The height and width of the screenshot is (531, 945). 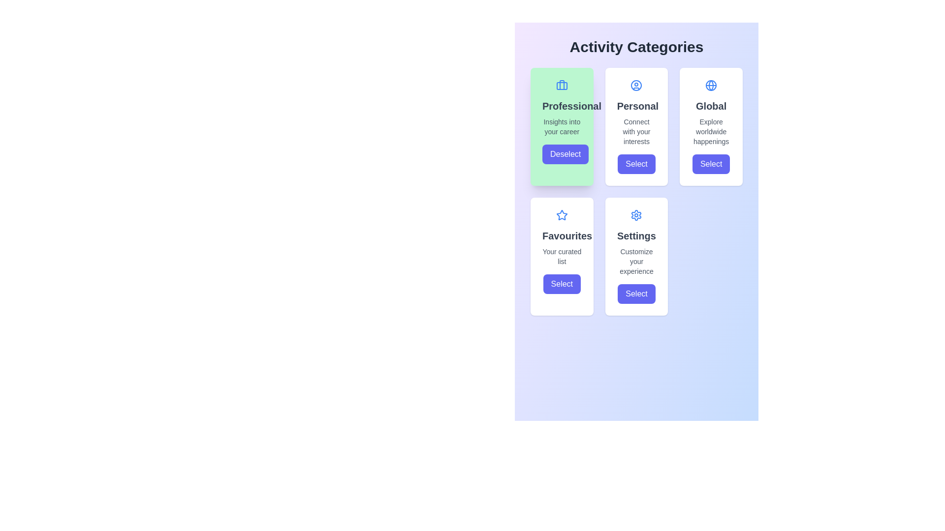 What do you see at coordinates (636, 293) in the screenshot?
I see `the 'Select' button, which has a blue background and white rounded text, located at the bottom of the 'Settings' card` at bounding box center [636, 293].